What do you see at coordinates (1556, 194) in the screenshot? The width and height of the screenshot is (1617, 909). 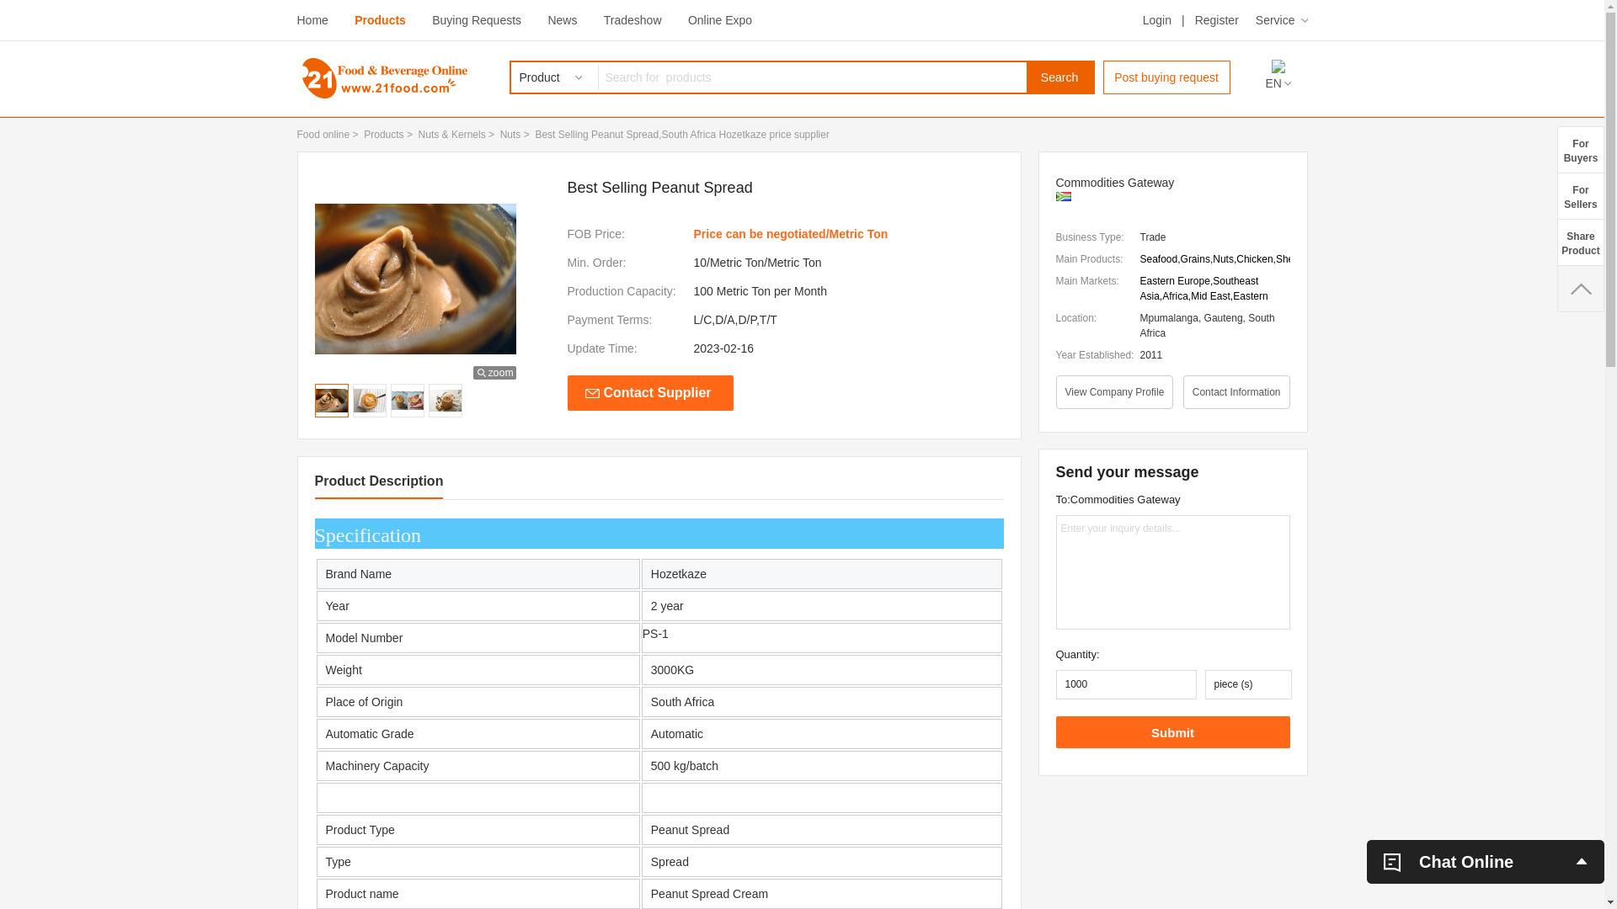 I see `'For` at bounding box center [1556, 194].